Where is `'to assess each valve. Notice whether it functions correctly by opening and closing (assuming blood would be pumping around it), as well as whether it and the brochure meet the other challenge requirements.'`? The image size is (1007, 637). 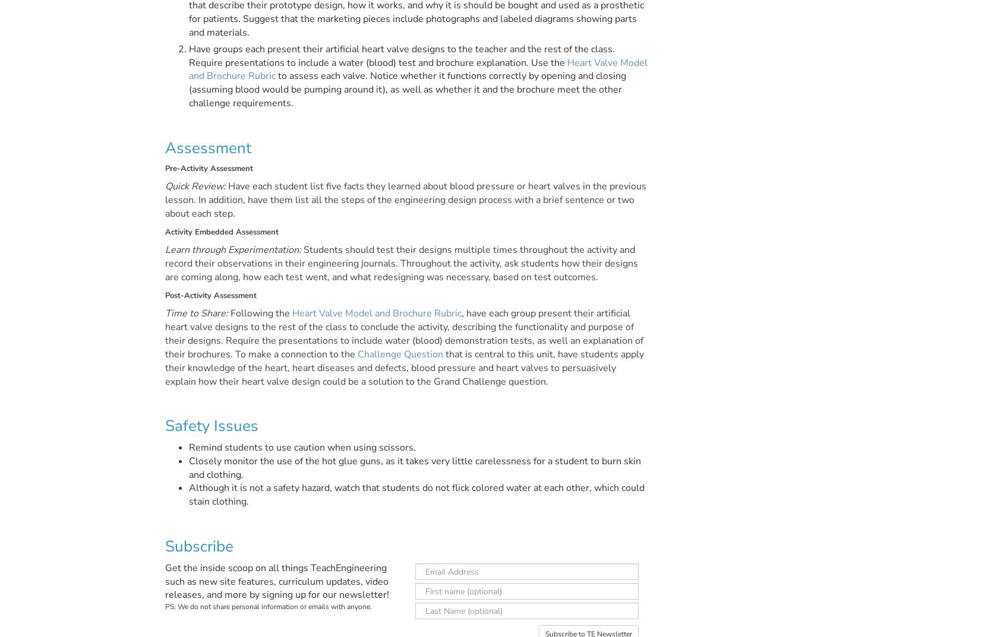 'to assess each valve. Notice whether it functions correctly by opening and closing (assuming blood would be pumping around it), as well as whether it and the brochure meet the other challenge requirements.' is located at coordinates (406, 88).